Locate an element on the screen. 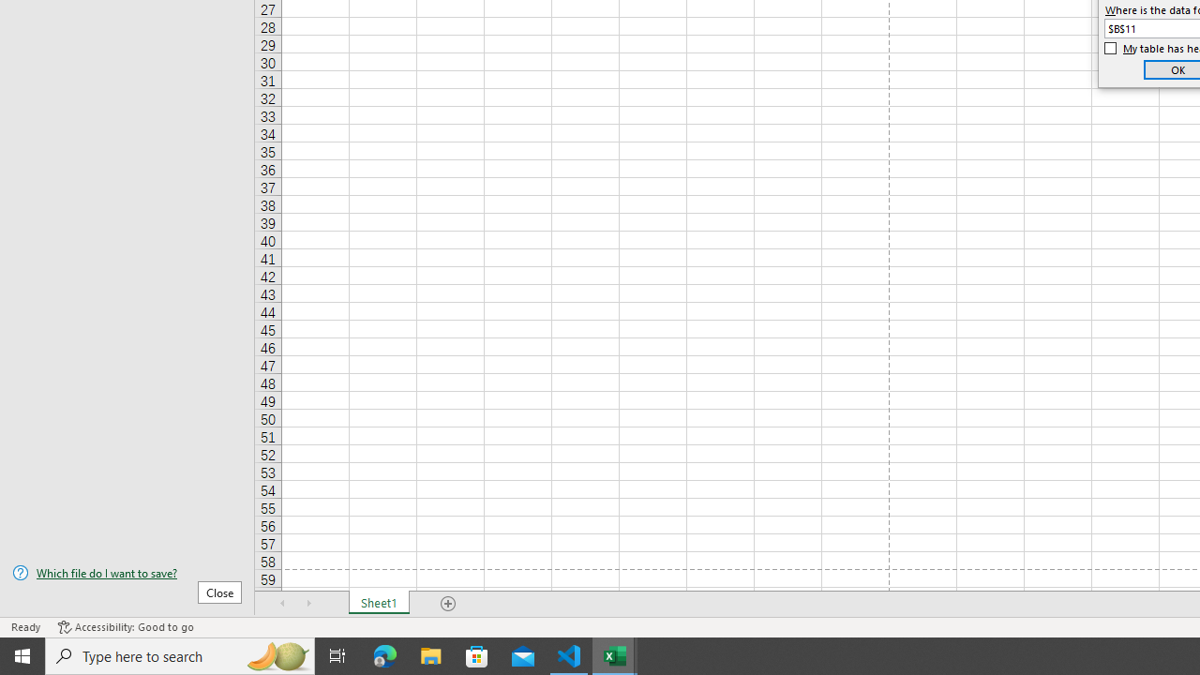 The width and height of the screenshot is (1200, 675). 'Scroll Right' is located at coordinates (309, 604).